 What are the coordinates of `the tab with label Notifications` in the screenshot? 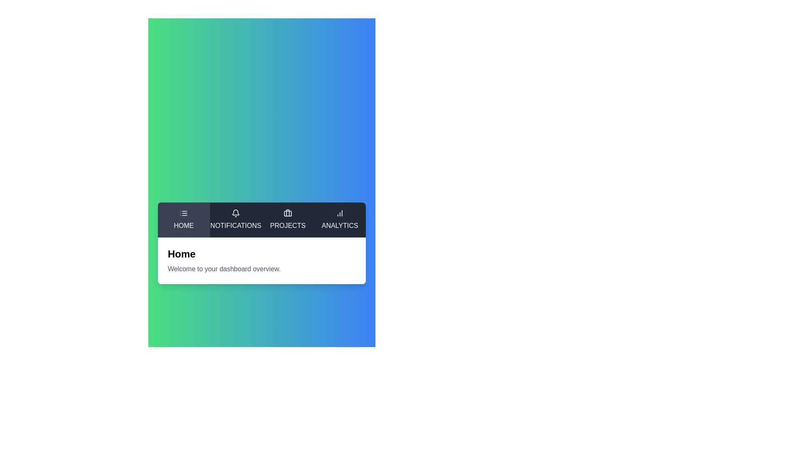 It's located at (235, 220).